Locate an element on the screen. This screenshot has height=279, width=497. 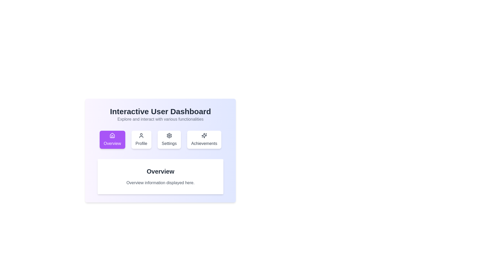
the descriptive text located beneath the heading 'Interactive User Dashboard' in the dashboard interface is located at coordinates (160, 119).